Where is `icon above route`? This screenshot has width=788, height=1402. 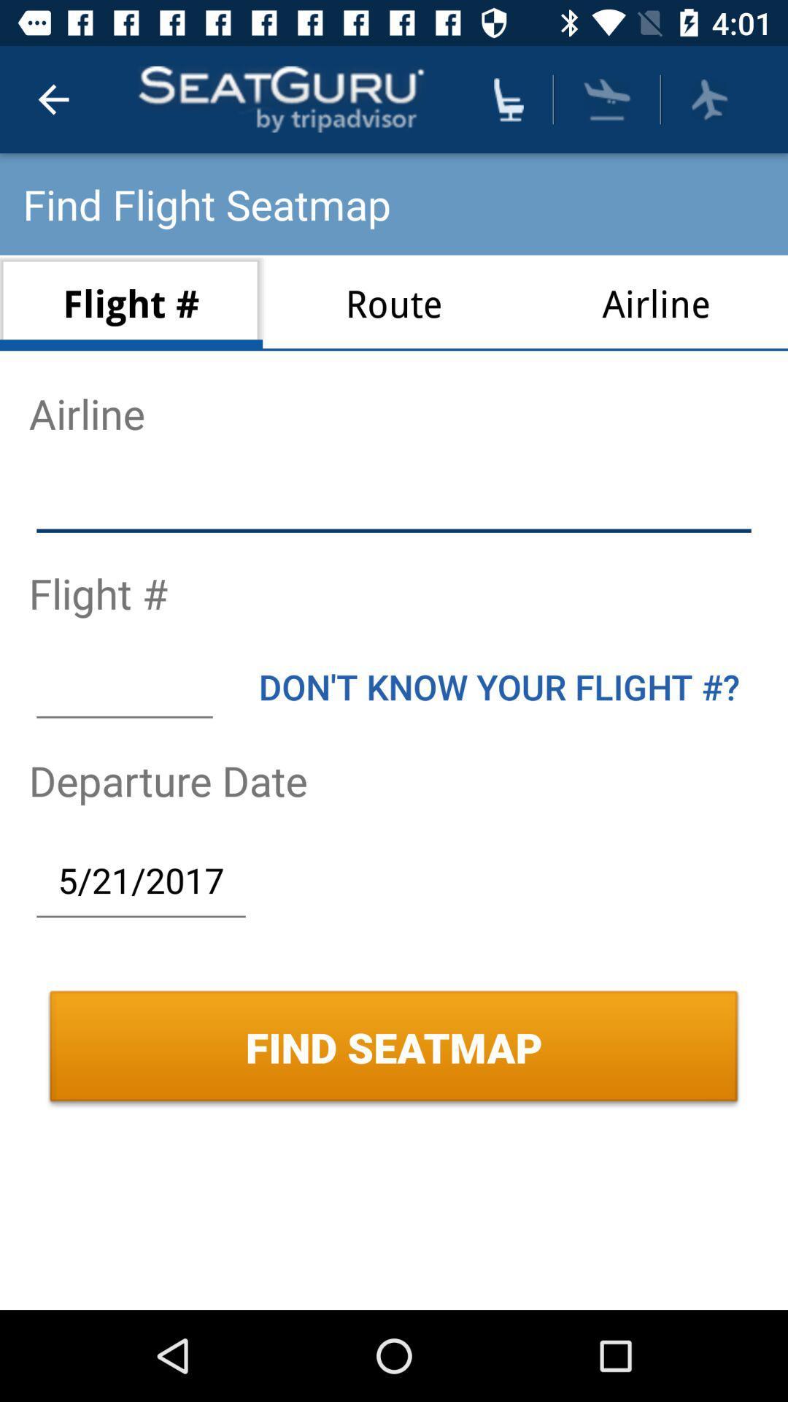
icon above route is located at coordinates (508, 99).